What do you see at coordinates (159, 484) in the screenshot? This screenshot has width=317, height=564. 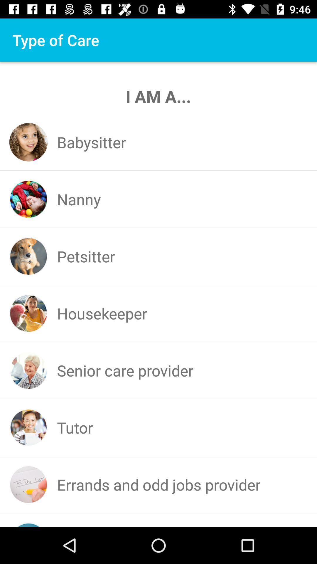 I see `app below the tutor` at bounding box center [159, 484].